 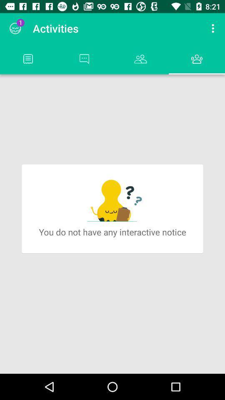 I want to click on app next to activities icon, so click(x=15, y=28).